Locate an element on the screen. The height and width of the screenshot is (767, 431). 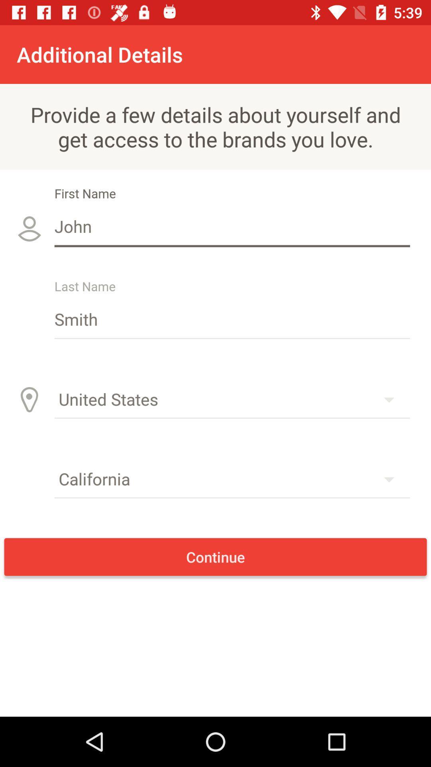
the icon below john item is located at coordinates (232, 318).